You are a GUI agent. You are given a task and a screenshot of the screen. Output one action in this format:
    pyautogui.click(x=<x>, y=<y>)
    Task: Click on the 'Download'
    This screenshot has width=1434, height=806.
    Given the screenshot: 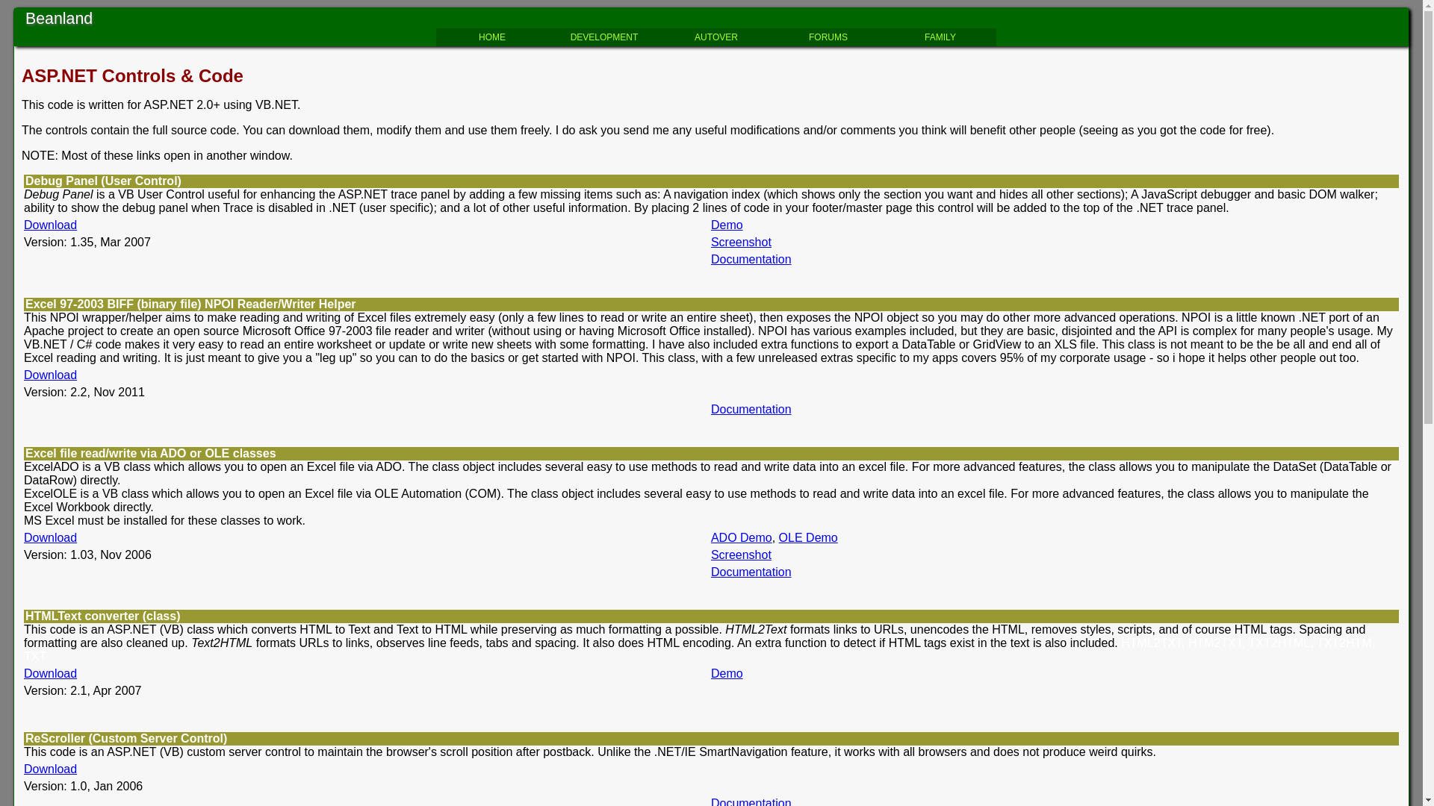 What is the action you would take?
    pyautogui.click(x=50, y=769)
    